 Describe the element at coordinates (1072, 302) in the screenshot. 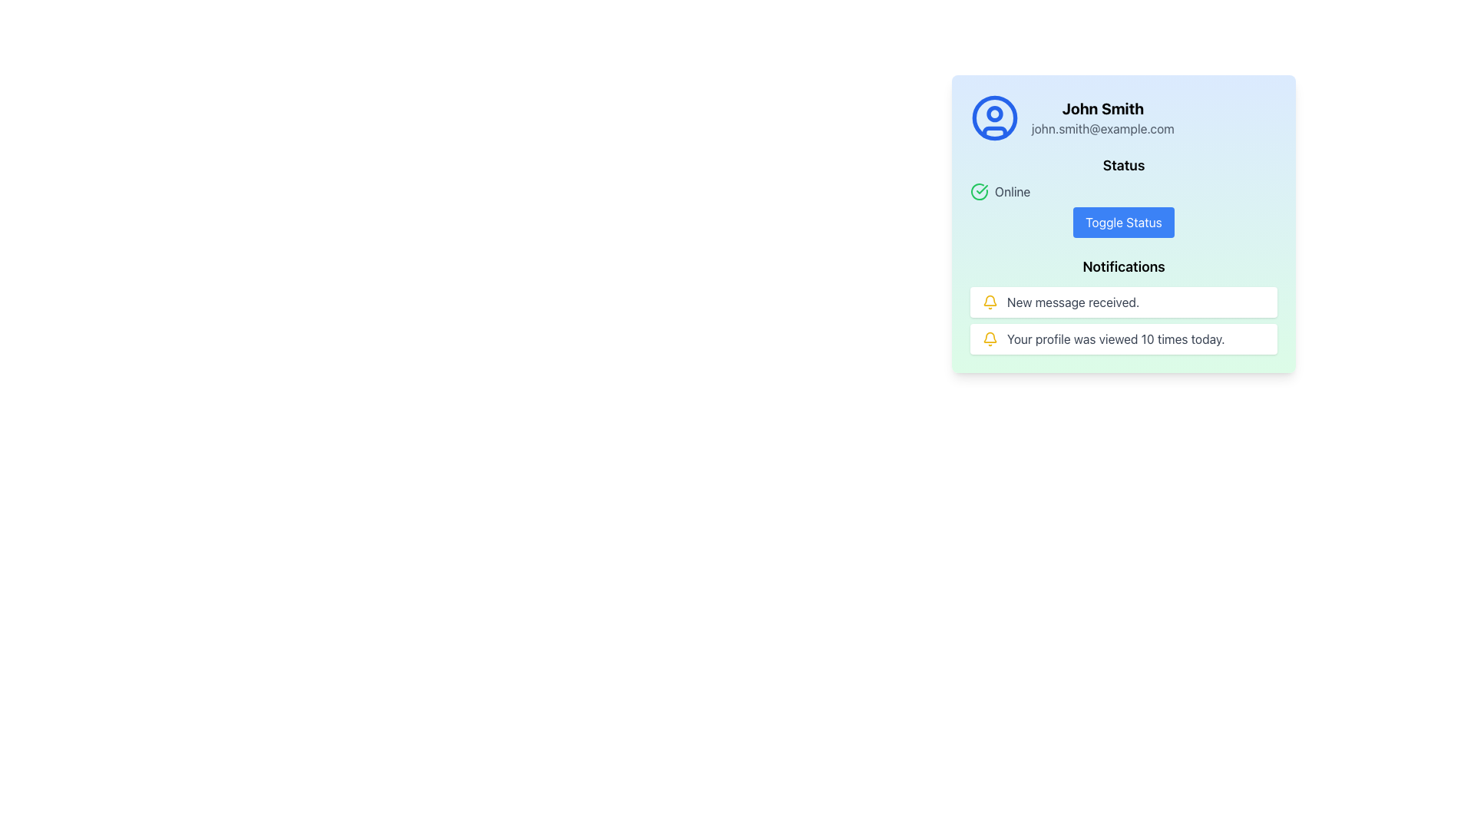

I see `static text element that displays 'New message received.' which is styled in gray against a white background, located in the first row of the notification list inside a notification card` at that location.